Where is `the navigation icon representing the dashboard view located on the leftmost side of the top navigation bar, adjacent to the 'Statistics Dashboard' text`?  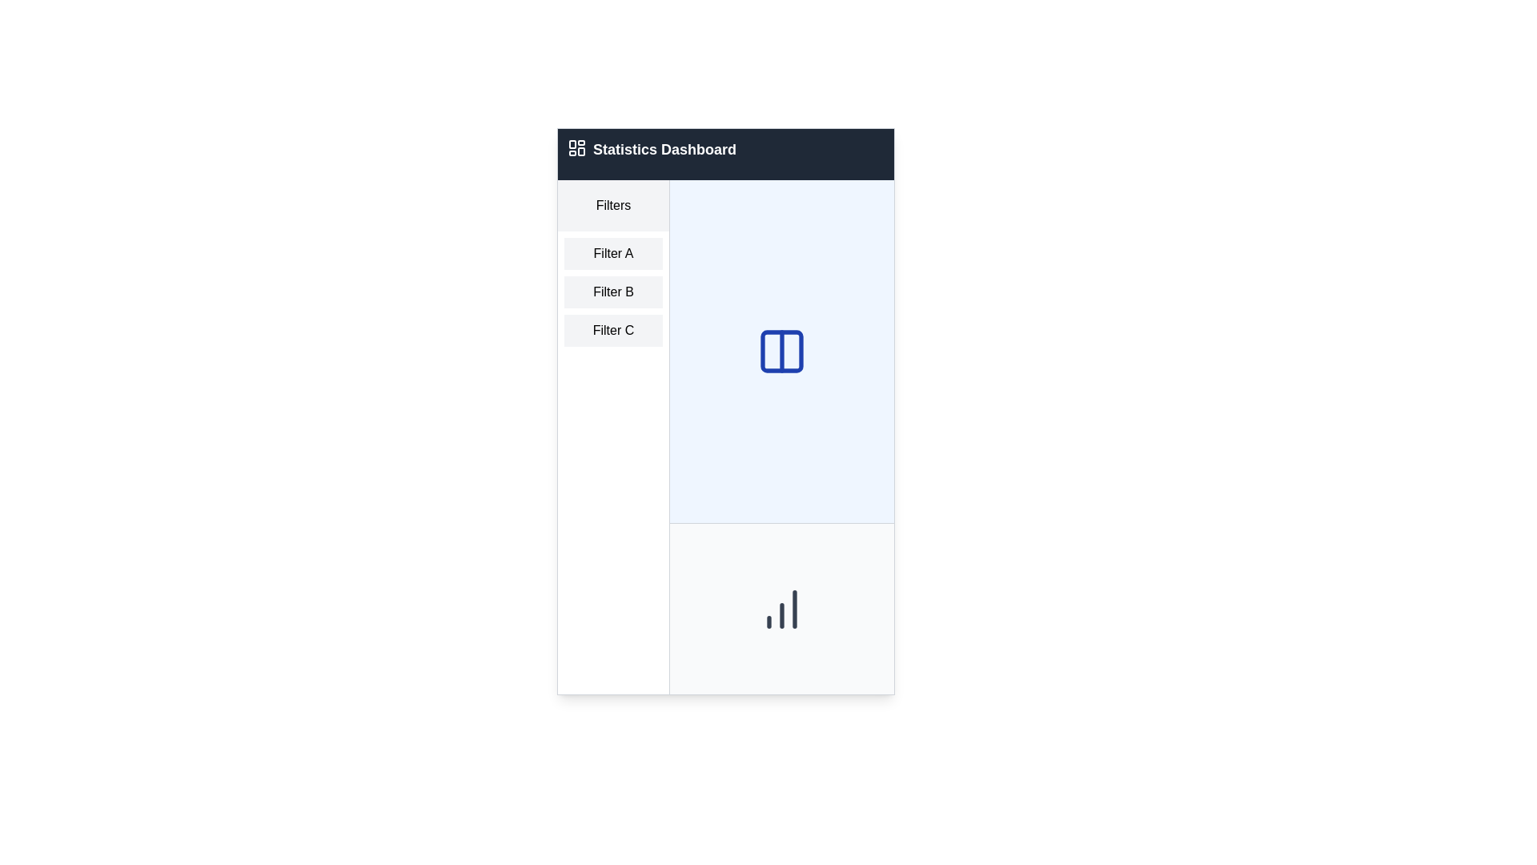
the navigation icon representing the dashboard view located on the leftmost side of the top navigation bar, adjacent to the 'Statistics Dashboard' text is located at coordinates (576, 148).